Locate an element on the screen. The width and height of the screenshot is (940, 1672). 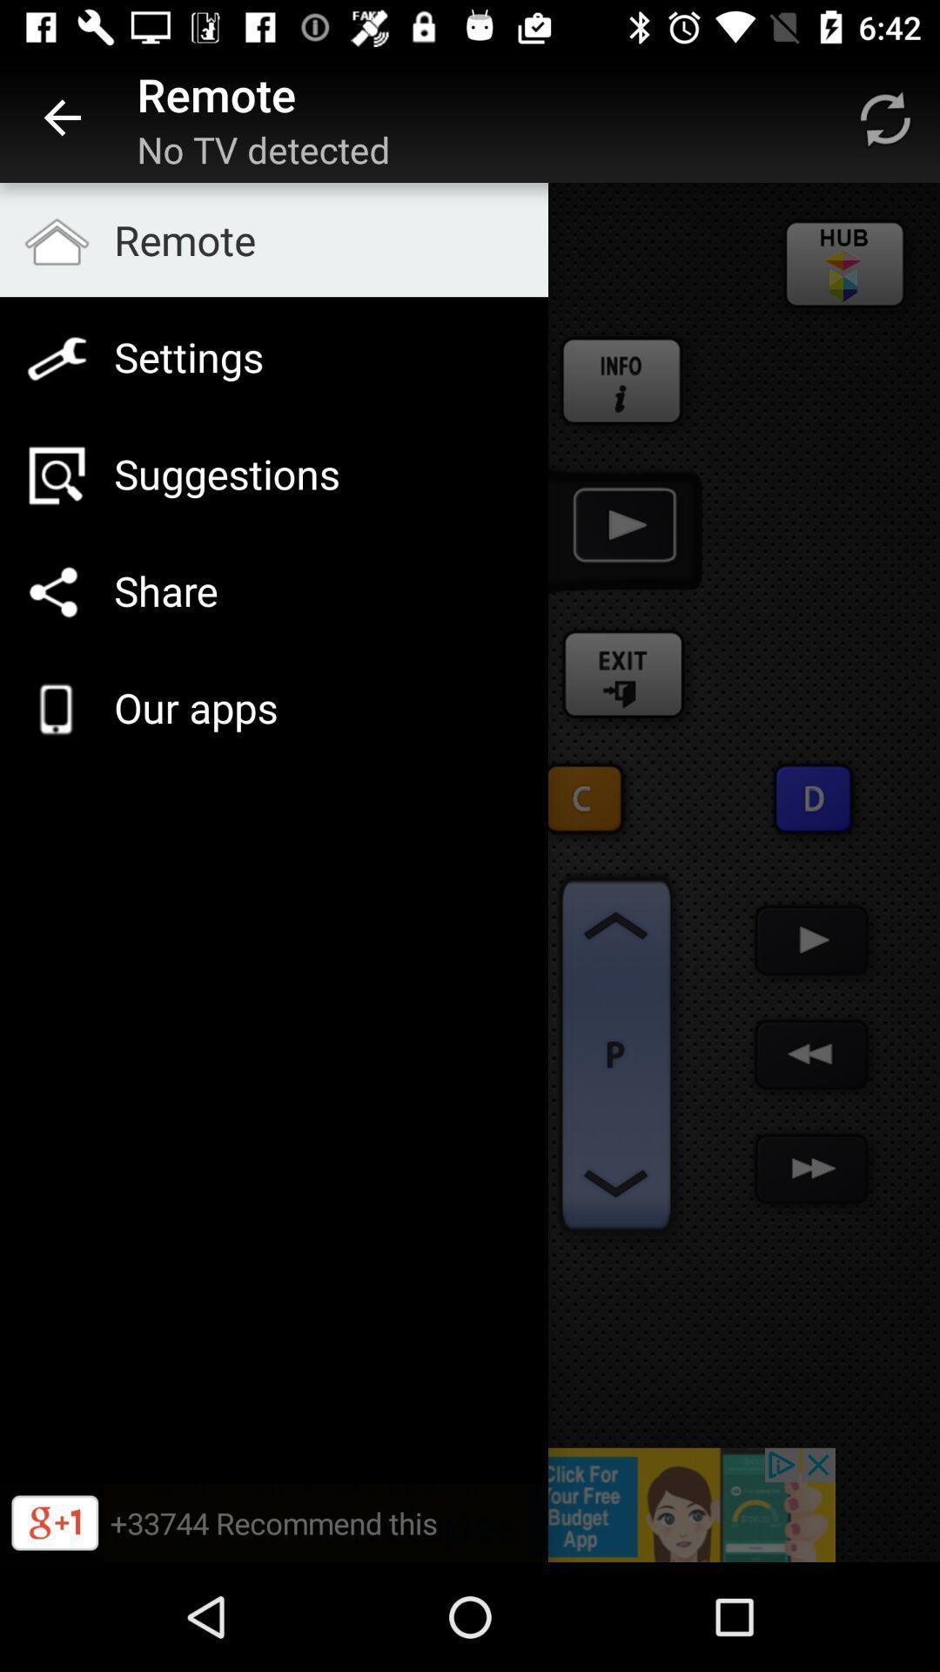
the facebook icon is located at coordinates (622, 381).